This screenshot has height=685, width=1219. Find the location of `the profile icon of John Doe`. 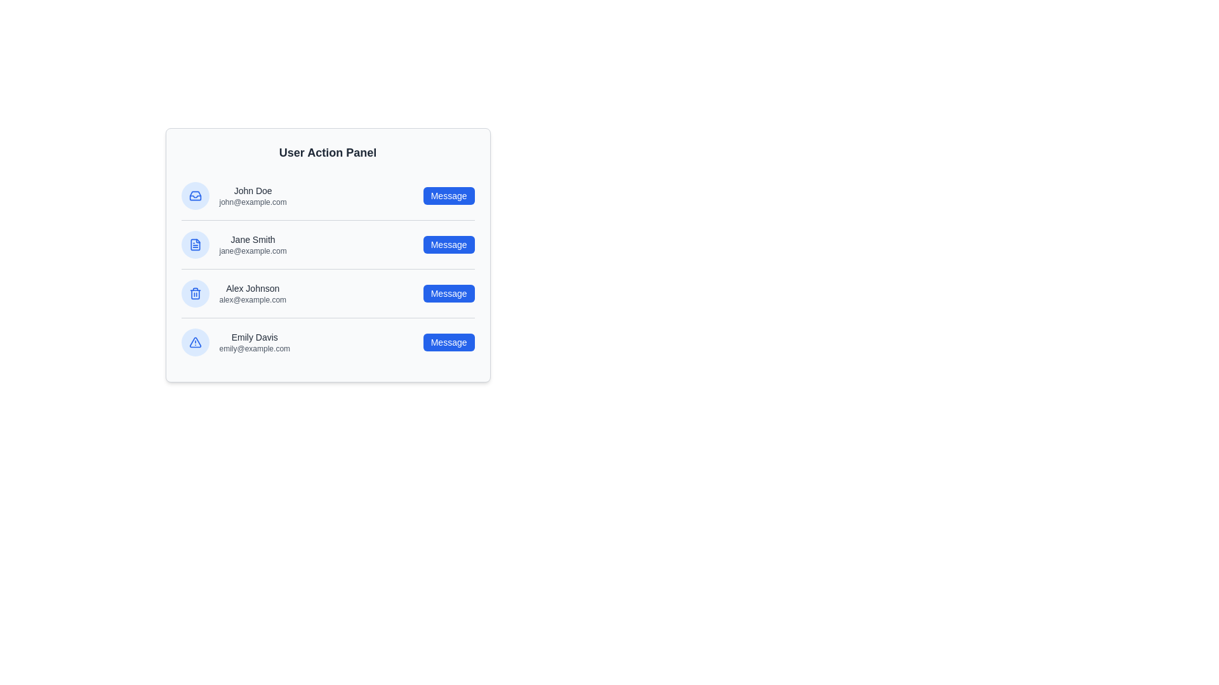

the profile icon of John Doe is located at coordinates (194, 195).